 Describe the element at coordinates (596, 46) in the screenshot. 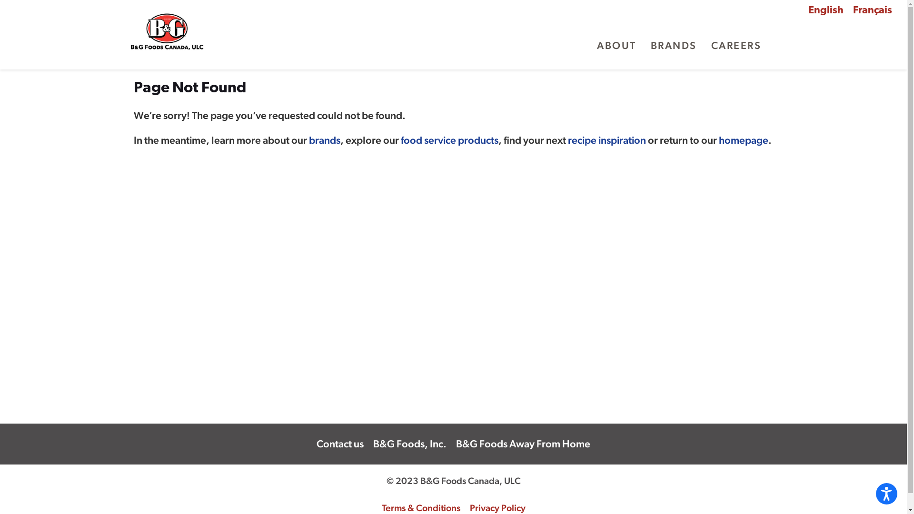

I see `'ABOUT'` at that location.